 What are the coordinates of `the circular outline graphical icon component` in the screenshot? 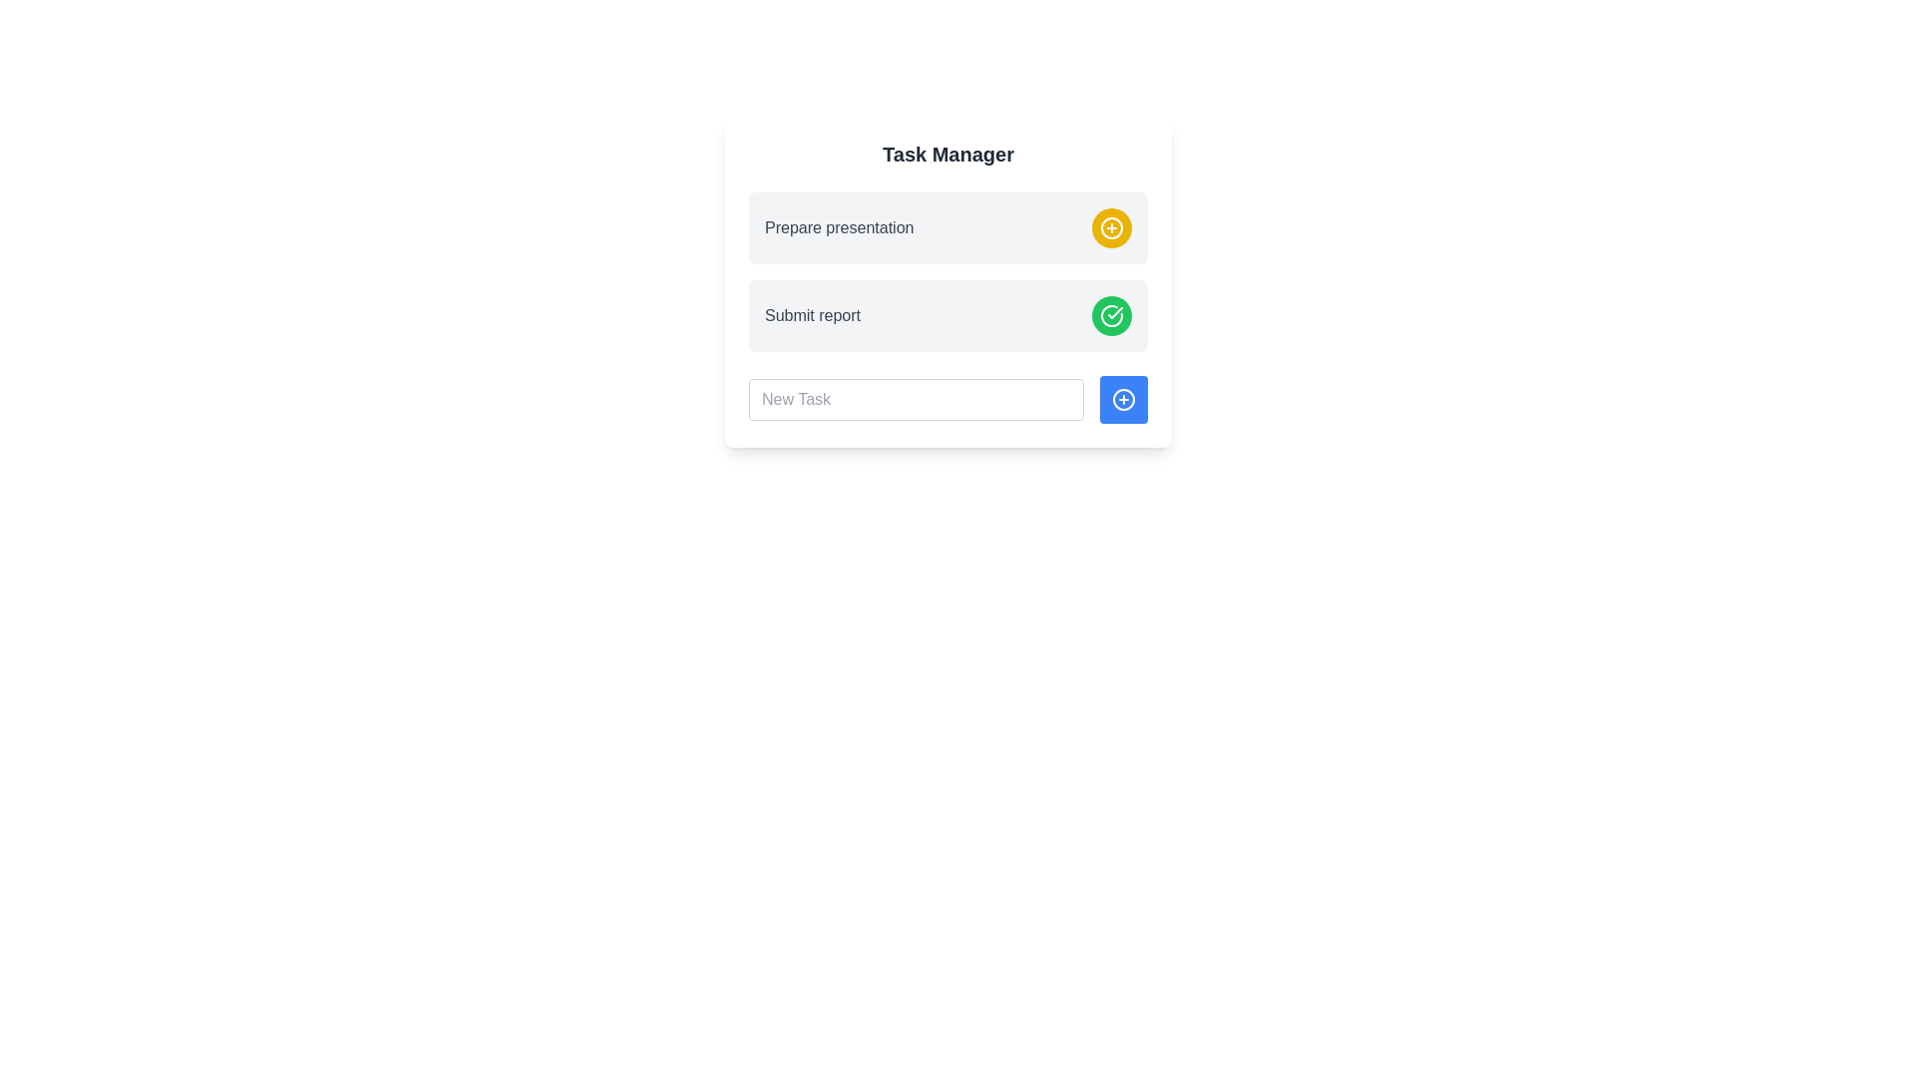 It's located at (1124, 400).